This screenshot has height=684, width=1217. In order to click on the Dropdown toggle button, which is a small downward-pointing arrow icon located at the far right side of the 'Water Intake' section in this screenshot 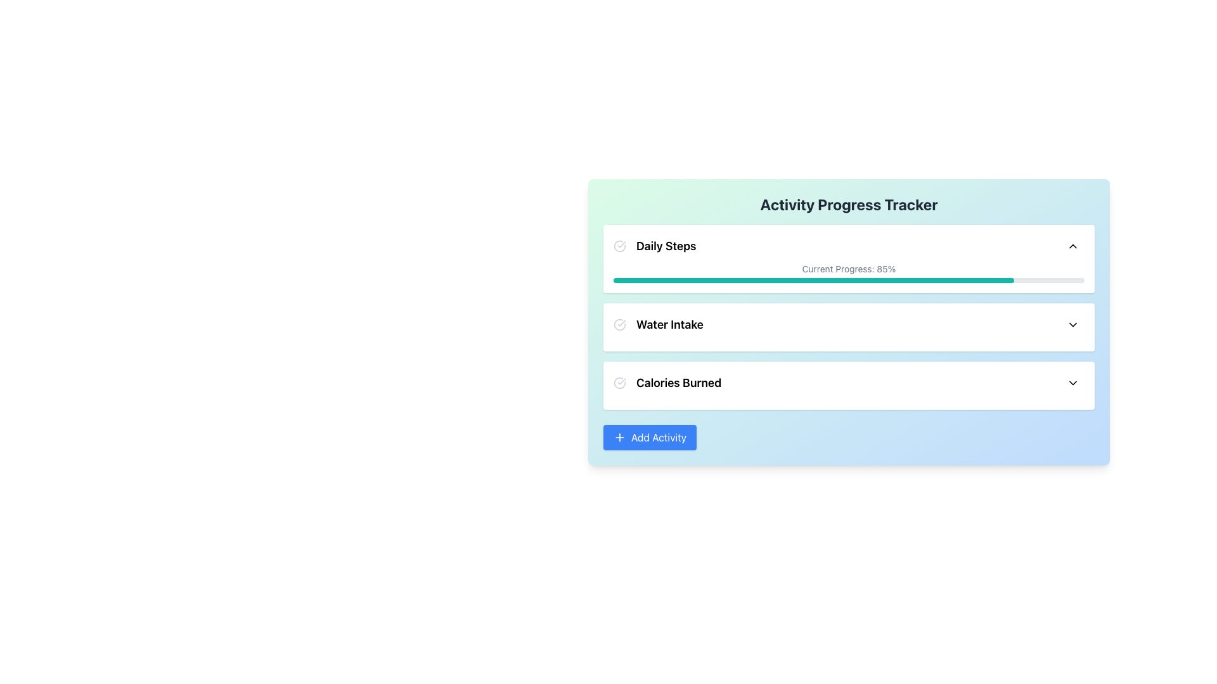, I will do `click(1072, 324)`.